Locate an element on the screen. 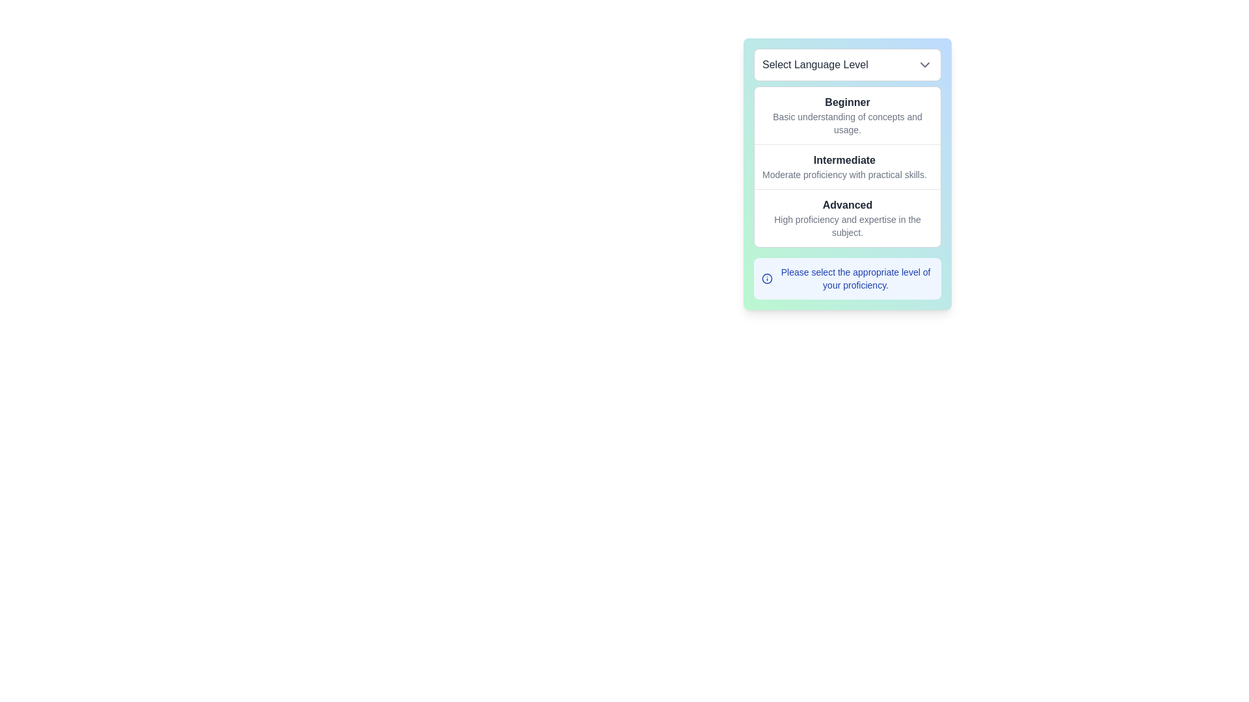 Image resolution: width=1249 pixels, height=702 pixels. the 'Advanced' list item option, which is the third option in the language proficiency levels list is located at coordinates (847, 217).